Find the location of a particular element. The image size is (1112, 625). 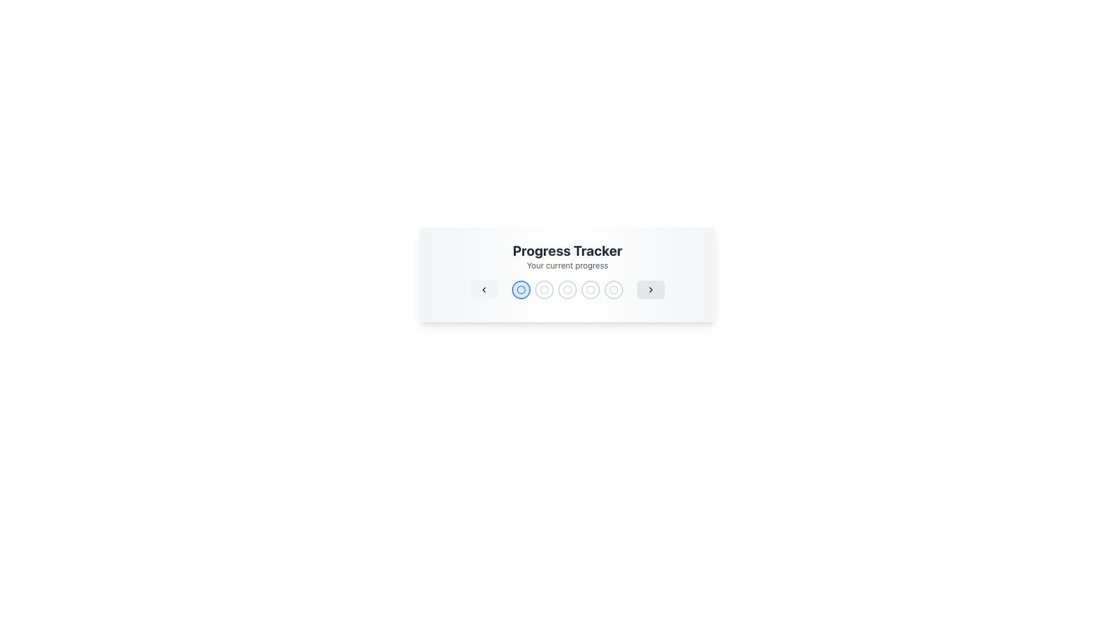

the third circular icon in a horizontally arranged set of six progress indicator icons is located at coordinates (567, 289).